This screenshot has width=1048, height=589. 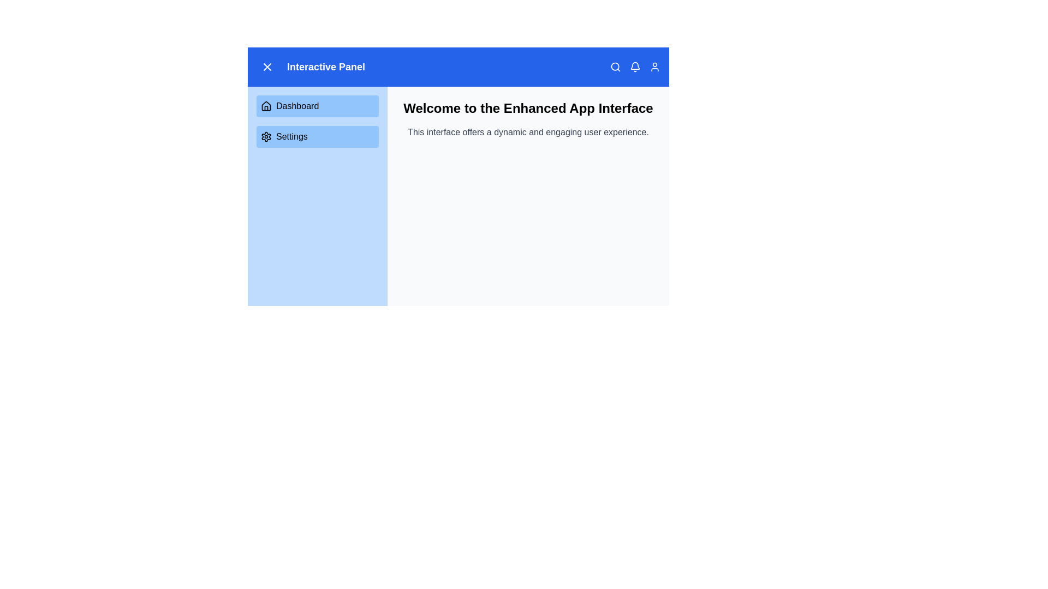 What do you see at coordinates (528, 132) in the screenshot?
I see `descriptive subtitle text located below the title 'Welcome to the Enhanced App Interface' in the central content area of the interface` at bounding box center [528, 132].